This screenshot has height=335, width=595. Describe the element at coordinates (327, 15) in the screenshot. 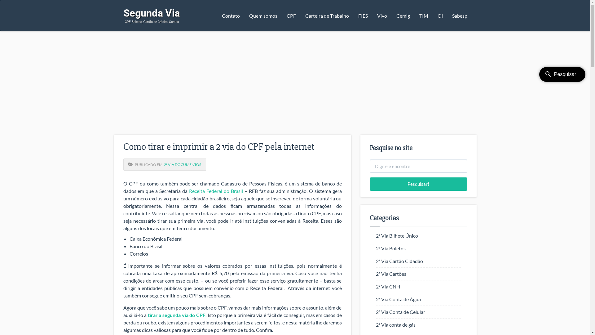

I see `'Carteira de Trabalho'` at that location.